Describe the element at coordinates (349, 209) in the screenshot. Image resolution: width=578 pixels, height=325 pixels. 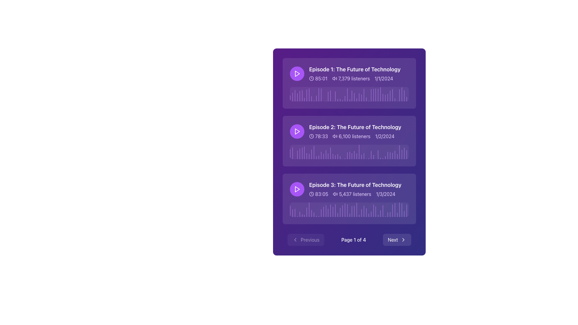
I see `the Waveform visualization element representing the audio signals of the podcast episode 'Episode 3: The Future of Technology', located below the listener information` at that location.